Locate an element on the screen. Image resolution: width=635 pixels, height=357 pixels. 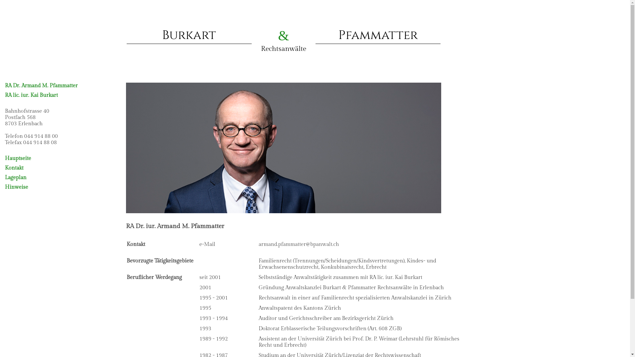
'RA lic. iur. Kai Burkart' is located at coordinates (31, 95).